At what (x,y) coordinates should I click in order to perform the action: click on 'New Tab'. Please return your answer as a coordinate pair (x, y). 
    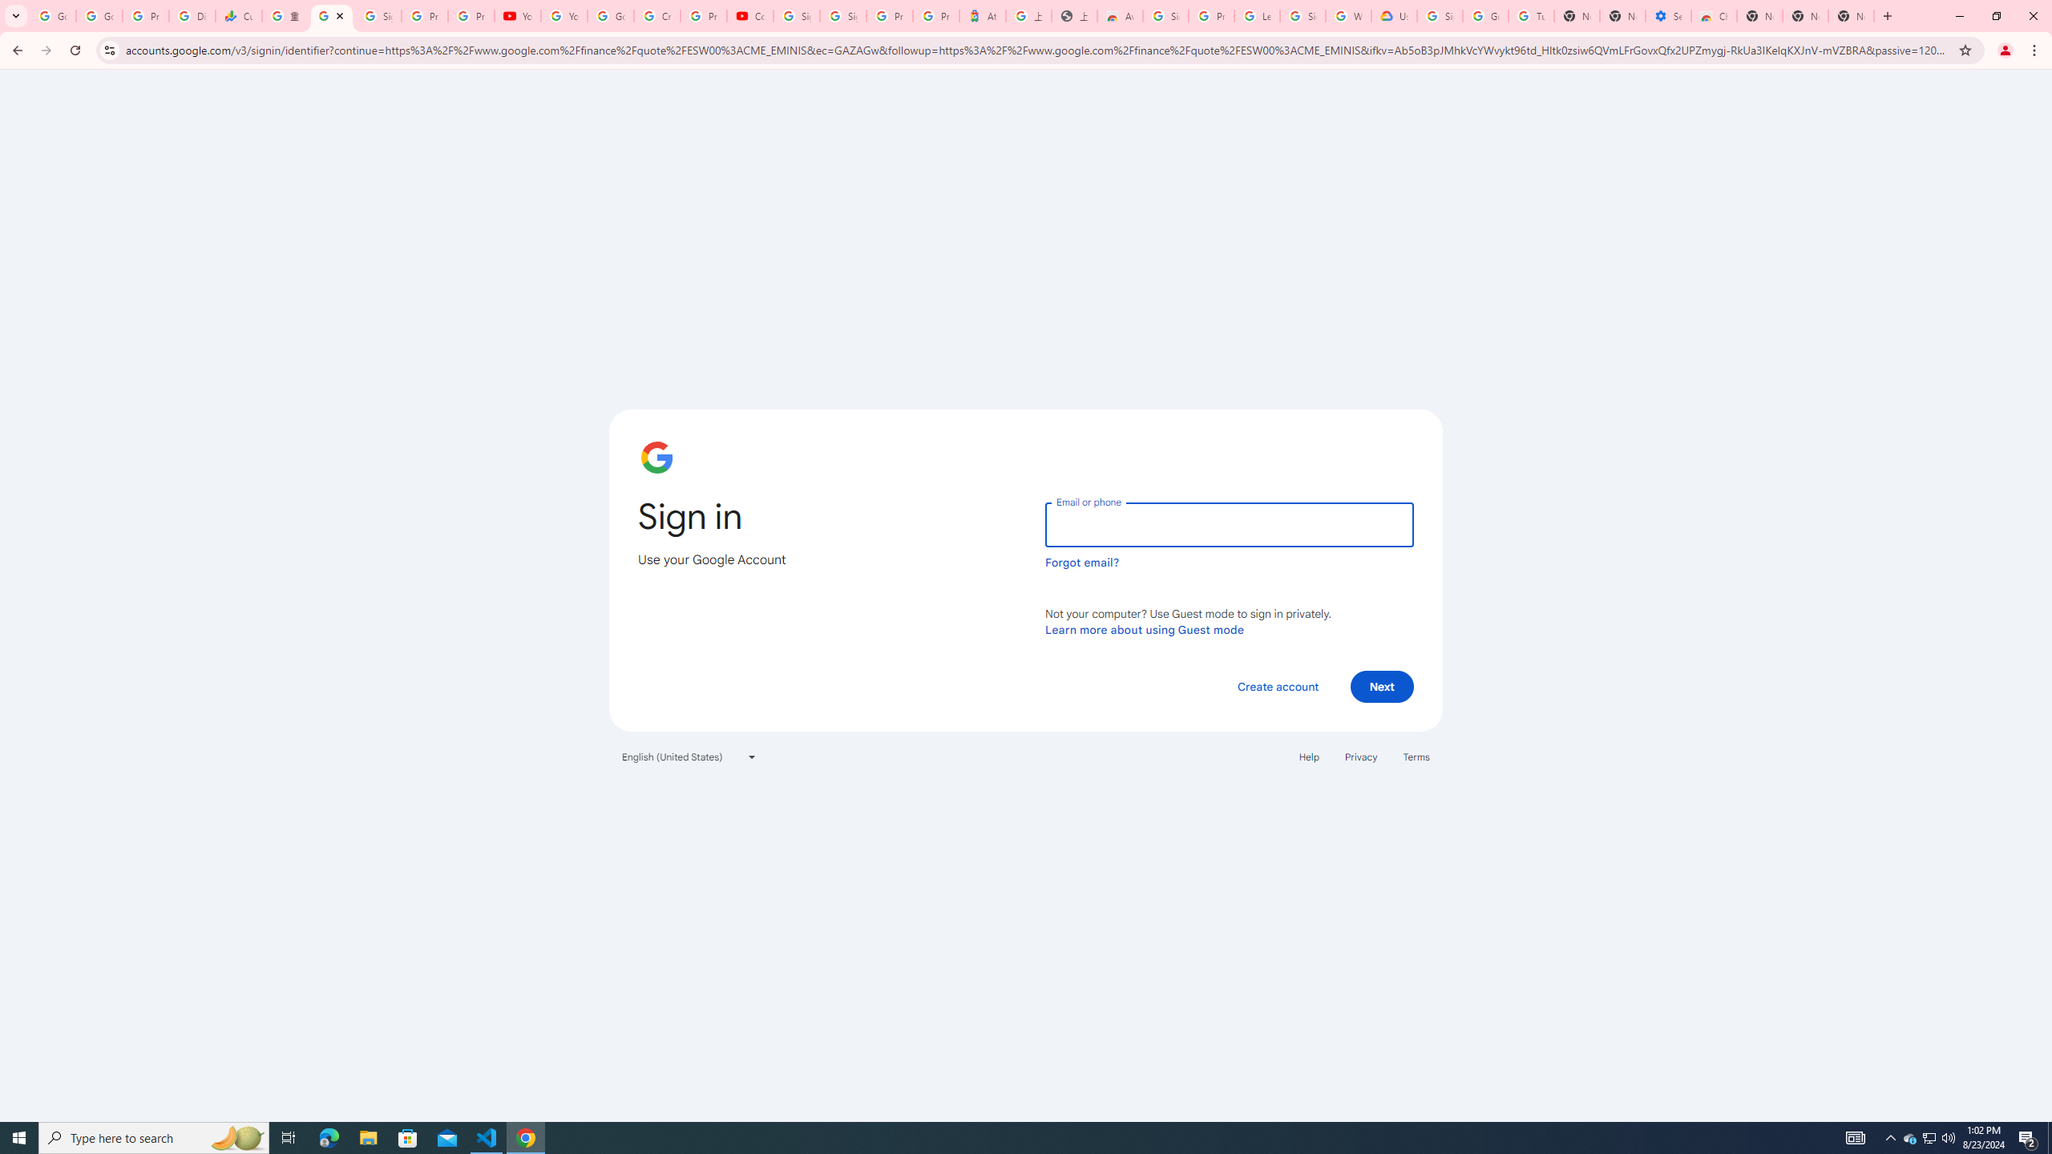
    Looking at the image, I should click on (1852, 15).